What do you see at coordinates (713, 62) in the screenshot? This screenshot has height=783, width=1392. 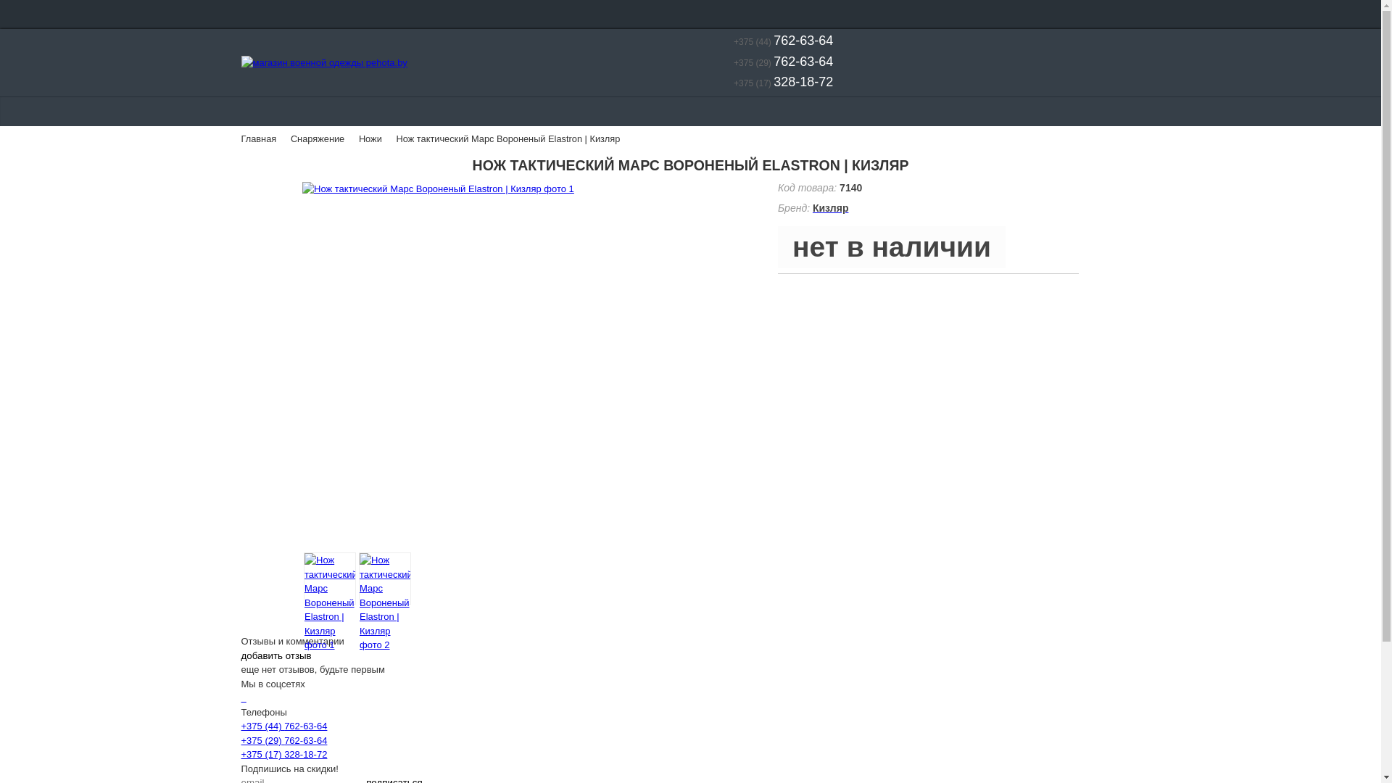 I see `'+375 (29) 762-63-64'` at bounding box center [713, 62].